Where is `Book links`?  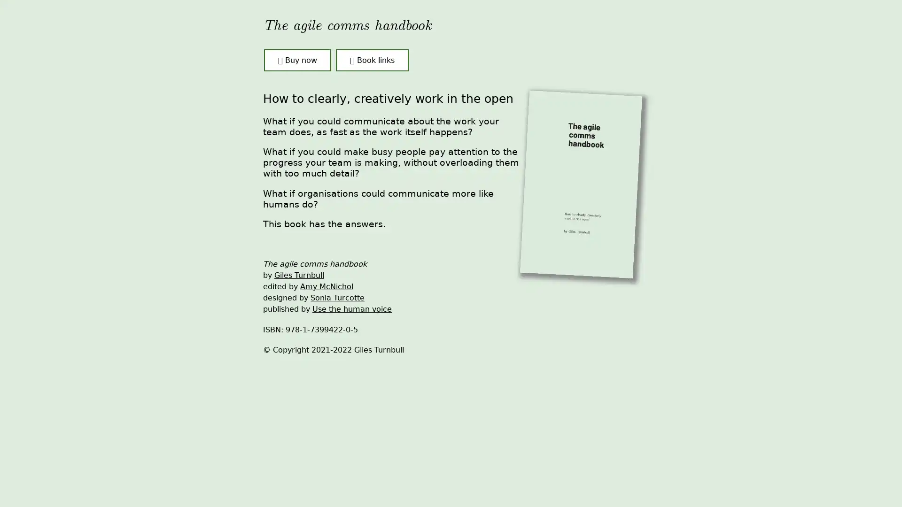 Book links is located at coordinates (372, 60).